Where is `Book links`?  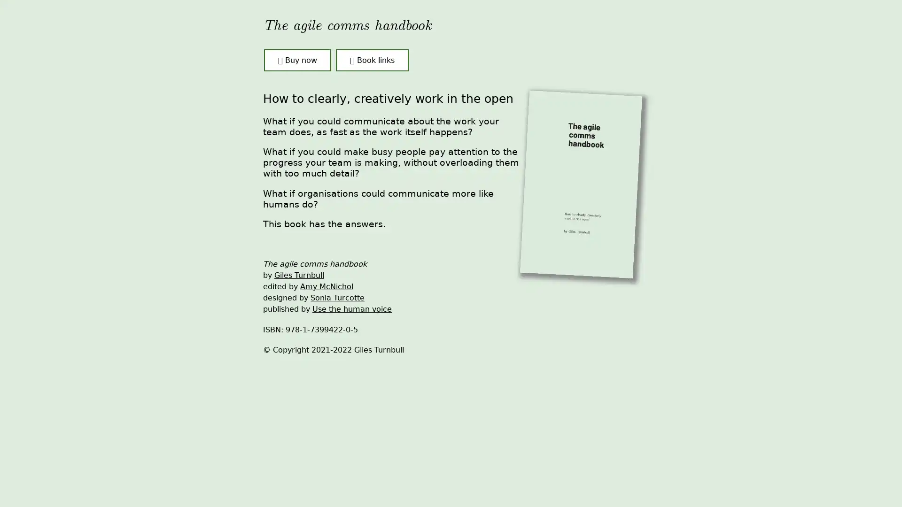 Book links is located at coordinates (372, 60).